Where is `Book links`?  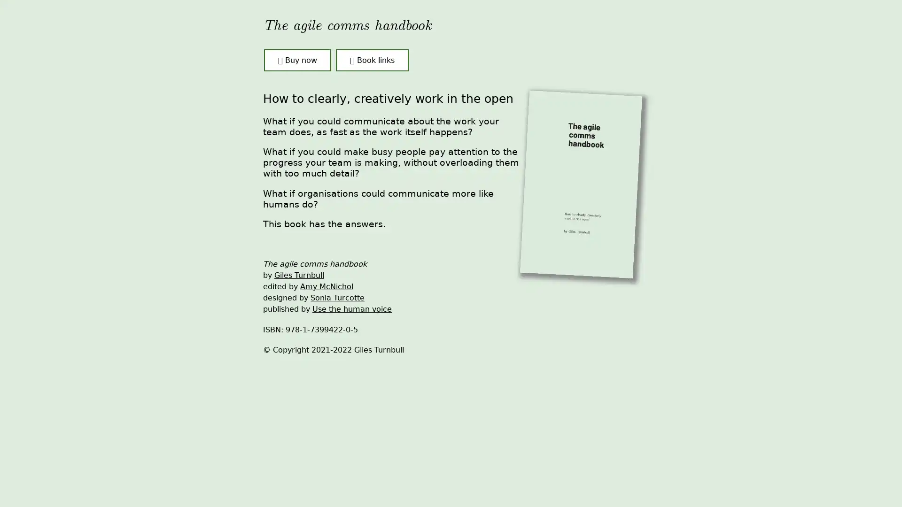 Book links is located at coordinates (372, 60).